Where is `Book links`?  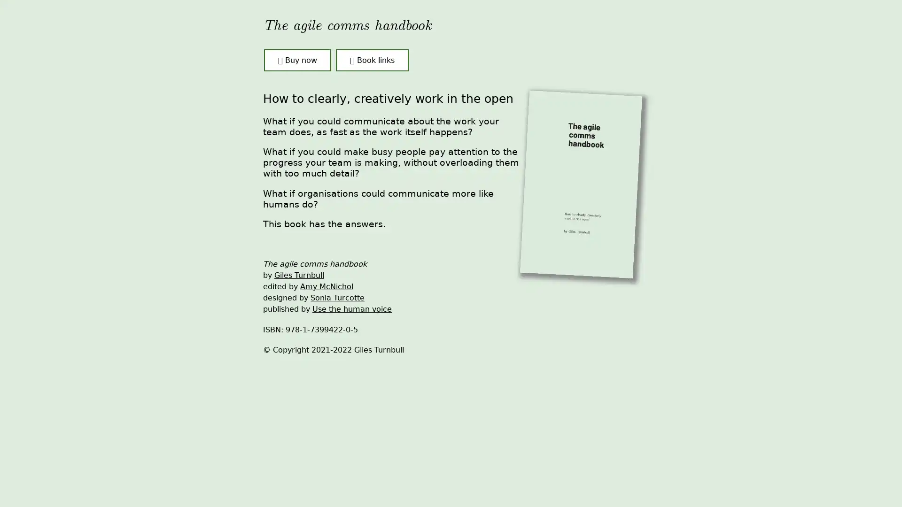 Book links is located at coordinates (372, 60).